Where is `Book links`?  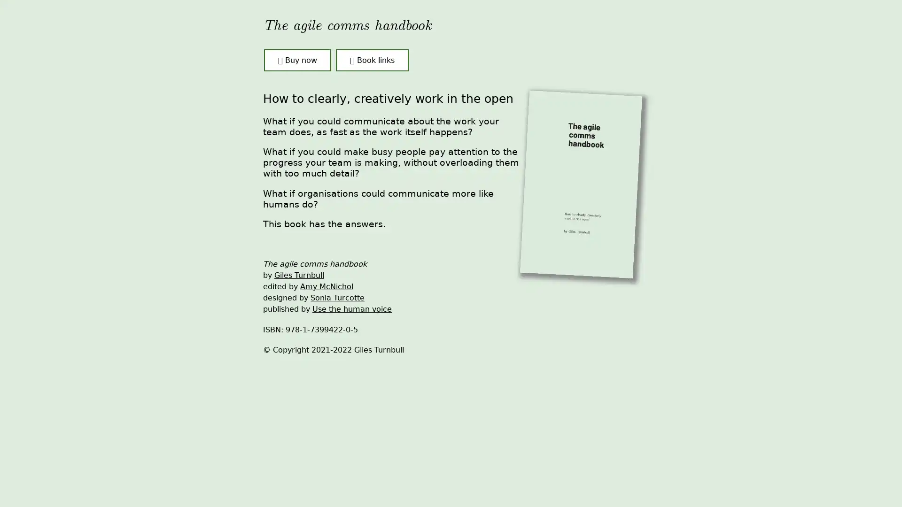 Book links is located at coordinates (372, 60).